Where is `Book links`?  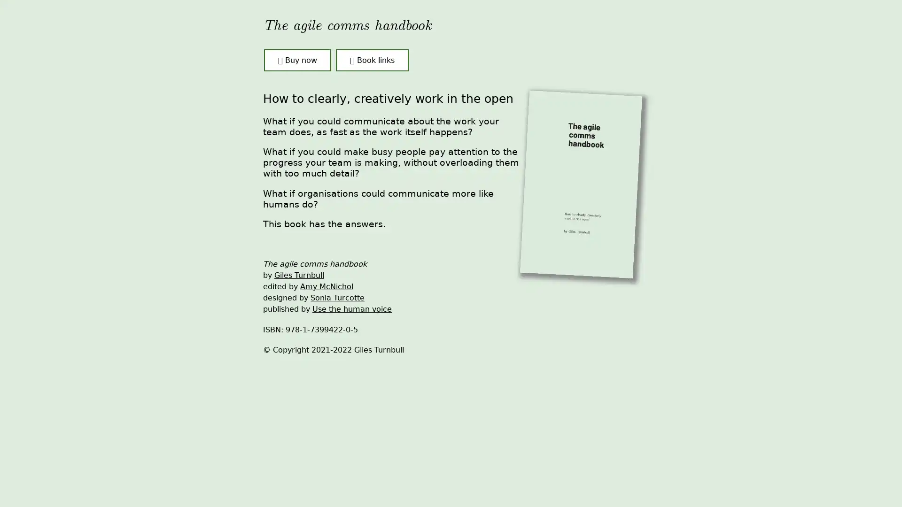 Book links is located at coordinates (372, 60).